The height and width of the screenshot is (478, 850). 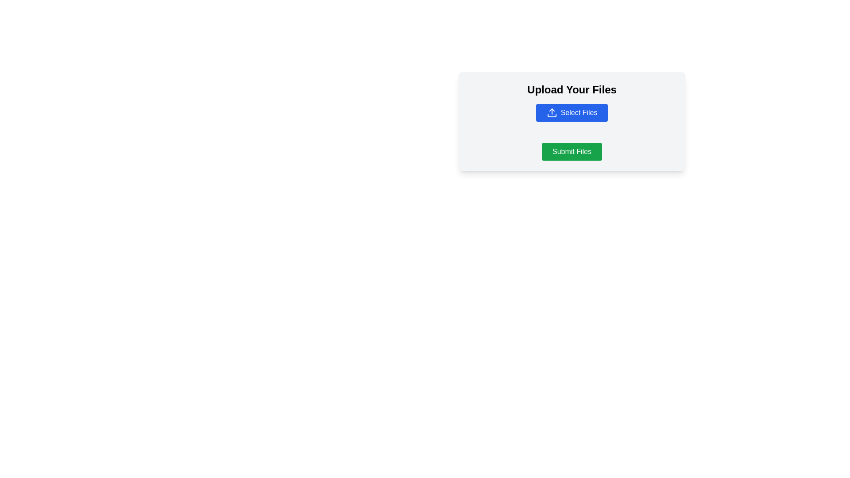 What do you see at coordinates (551, 112) in the screenshot?
I see `the icon representing the functionality of the 'Select Files' button, which is positioned to the left of the text on the button located in the top-middle area of the card` at bounding box center [551, 112].